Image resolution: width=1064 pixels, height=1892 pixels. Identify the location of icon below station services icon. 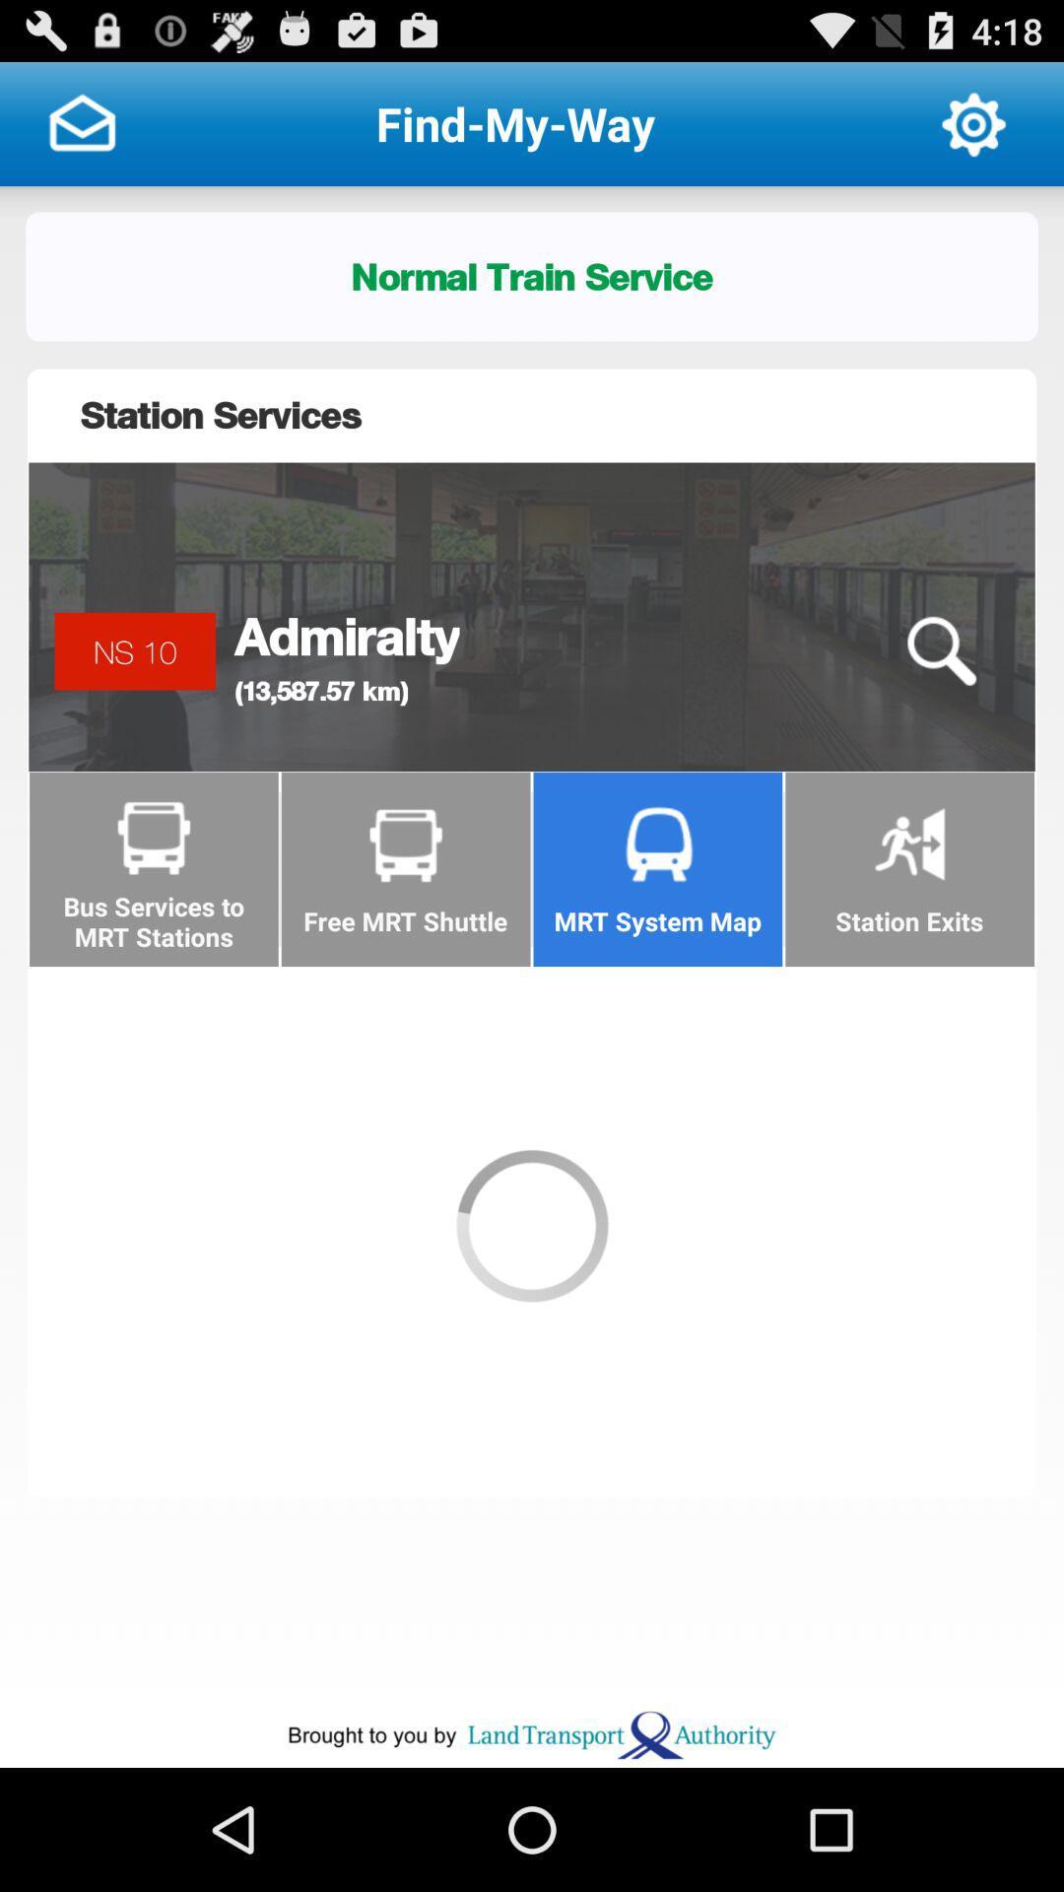
(940, 651).